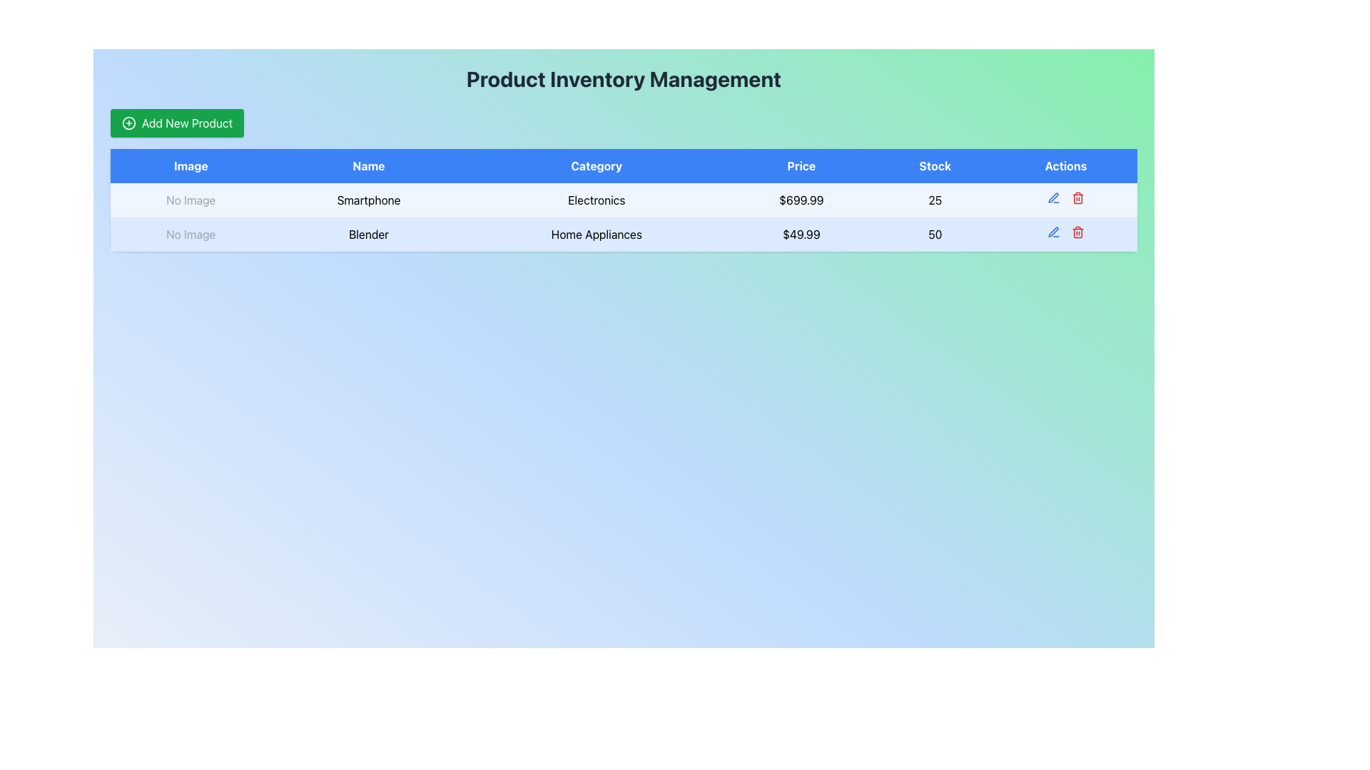 The width and height of the screenshot is (1370, 770). I want to click on the text label UI element that displays 'Home Appliances' within the second row of the table under the 'Category' column, so click(597, 233).